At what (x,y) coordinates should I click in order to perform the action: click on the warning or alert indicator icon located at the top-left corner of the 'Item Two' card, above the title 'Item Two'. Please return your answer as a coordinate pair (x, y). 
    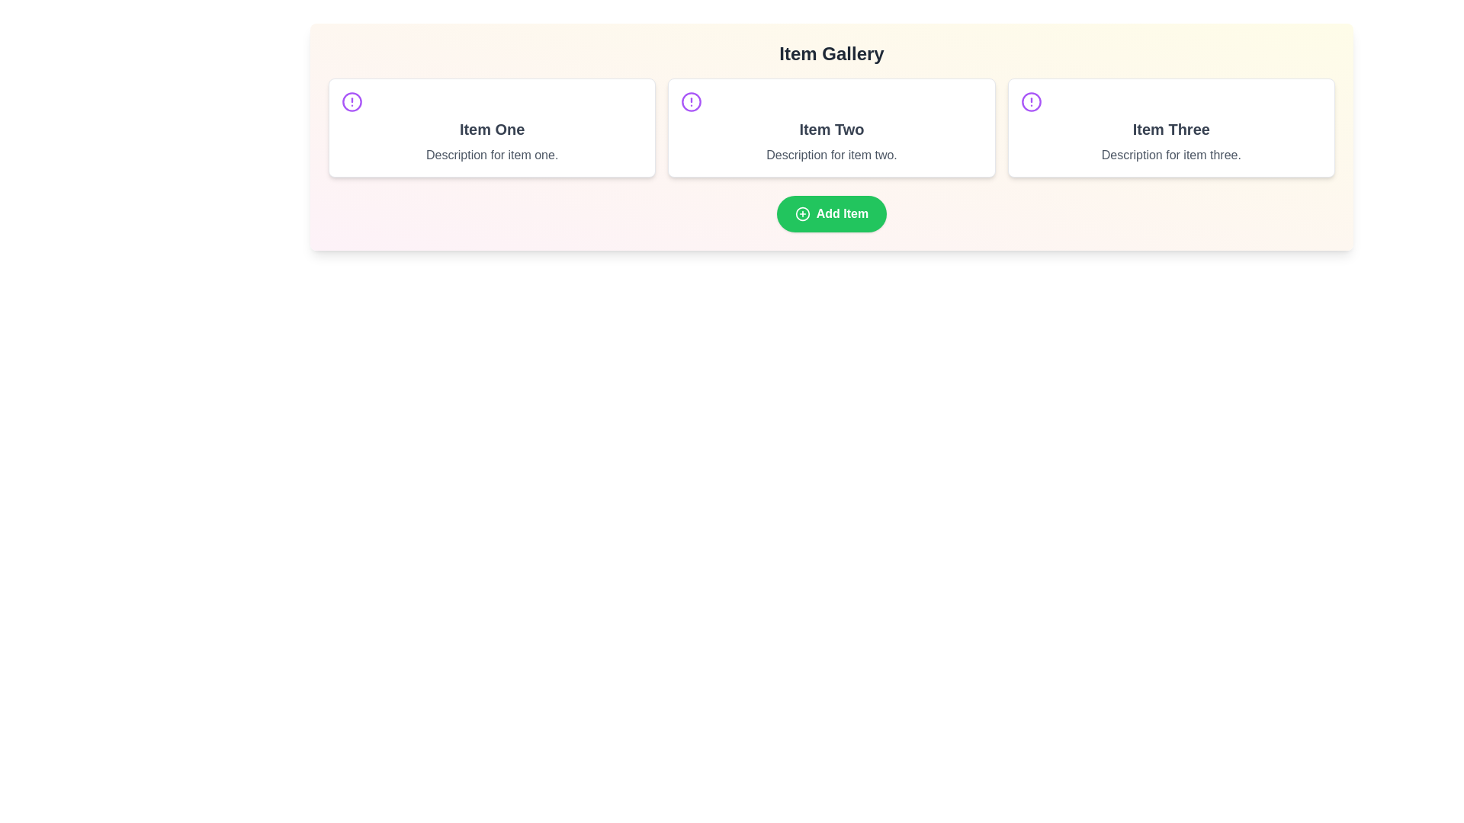
    Looking at the image, I should click on (691, 102).